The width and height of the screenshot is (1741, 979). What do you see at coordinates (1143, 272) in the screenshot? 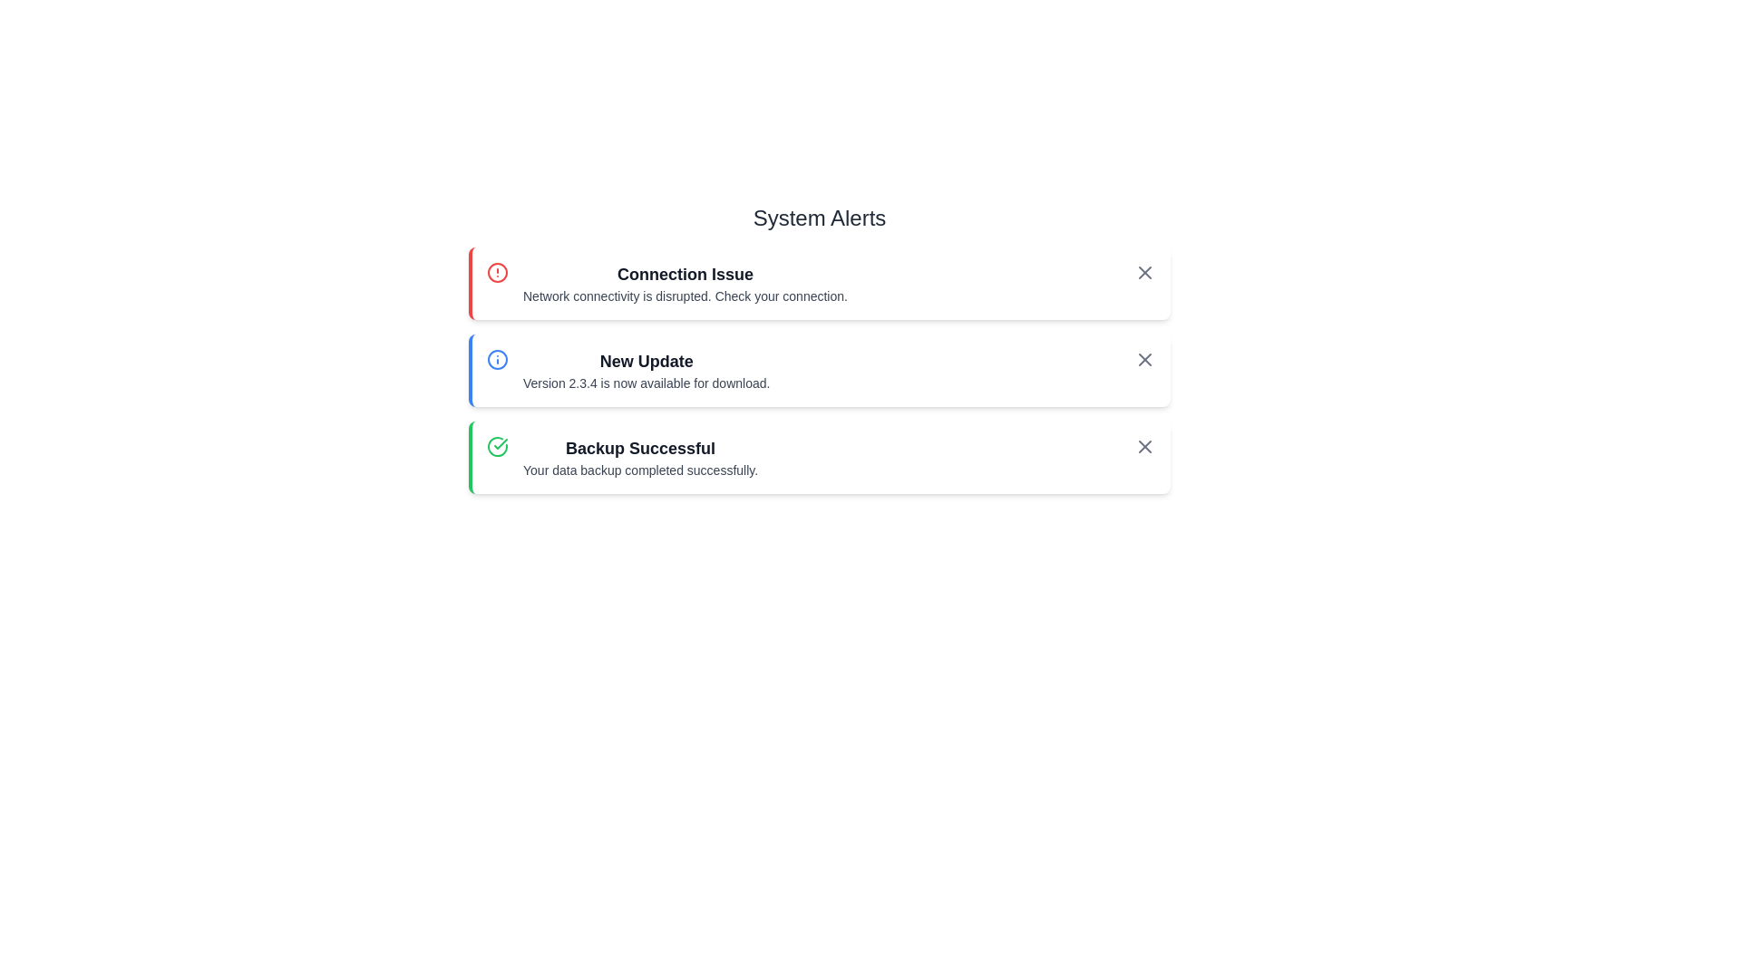
I see `the close icon button located in the top-right corner of the 'Connection Issue' notification card` at bounding box center [1143, 272].